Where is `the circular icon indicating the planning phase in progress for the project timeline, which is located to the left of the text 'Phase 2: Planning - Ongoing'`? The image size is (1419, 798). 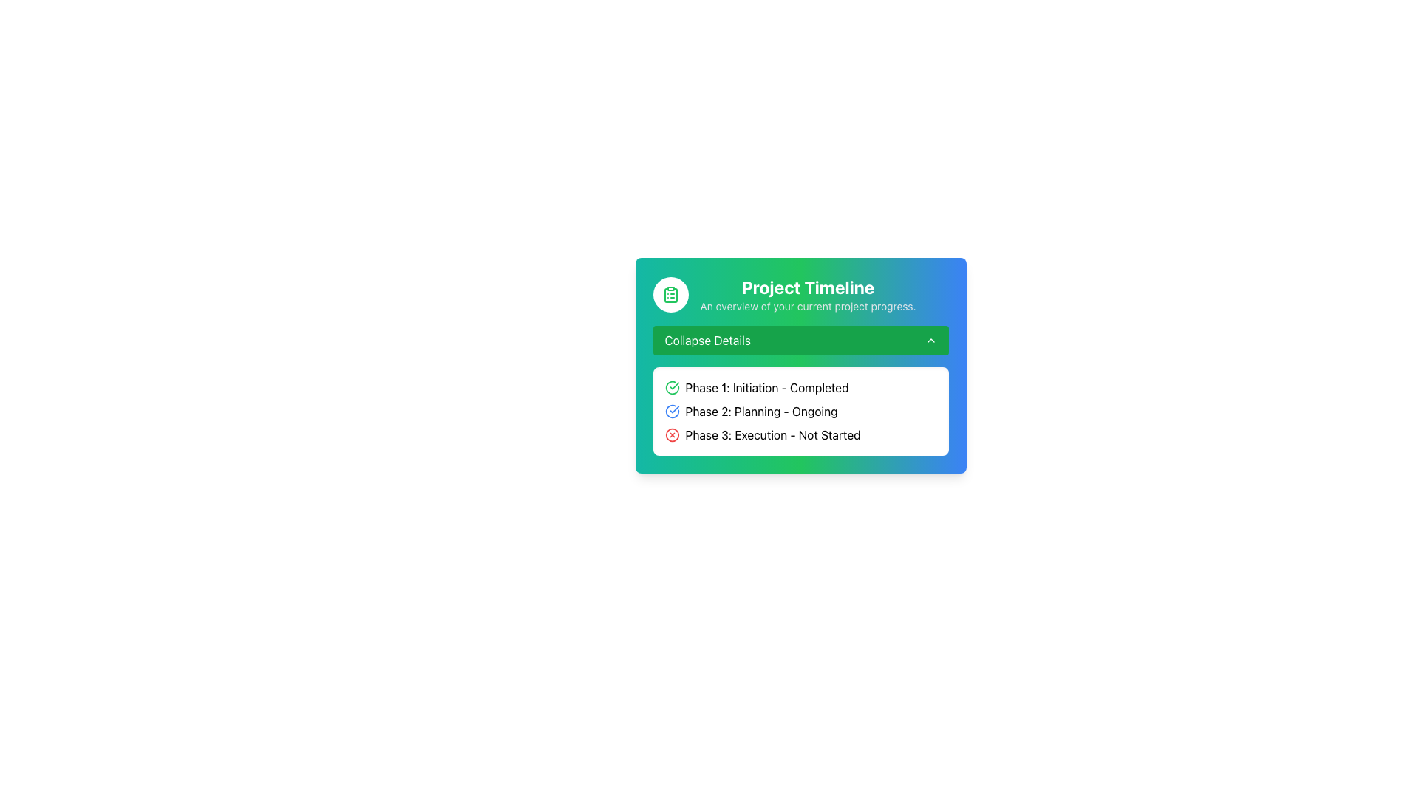
the circular icon indicating the planning phase in progress for the project timeline, which is located to the left of the text 'Phase 2: Planning - Ongoing' is located at coordinates (671, 411).